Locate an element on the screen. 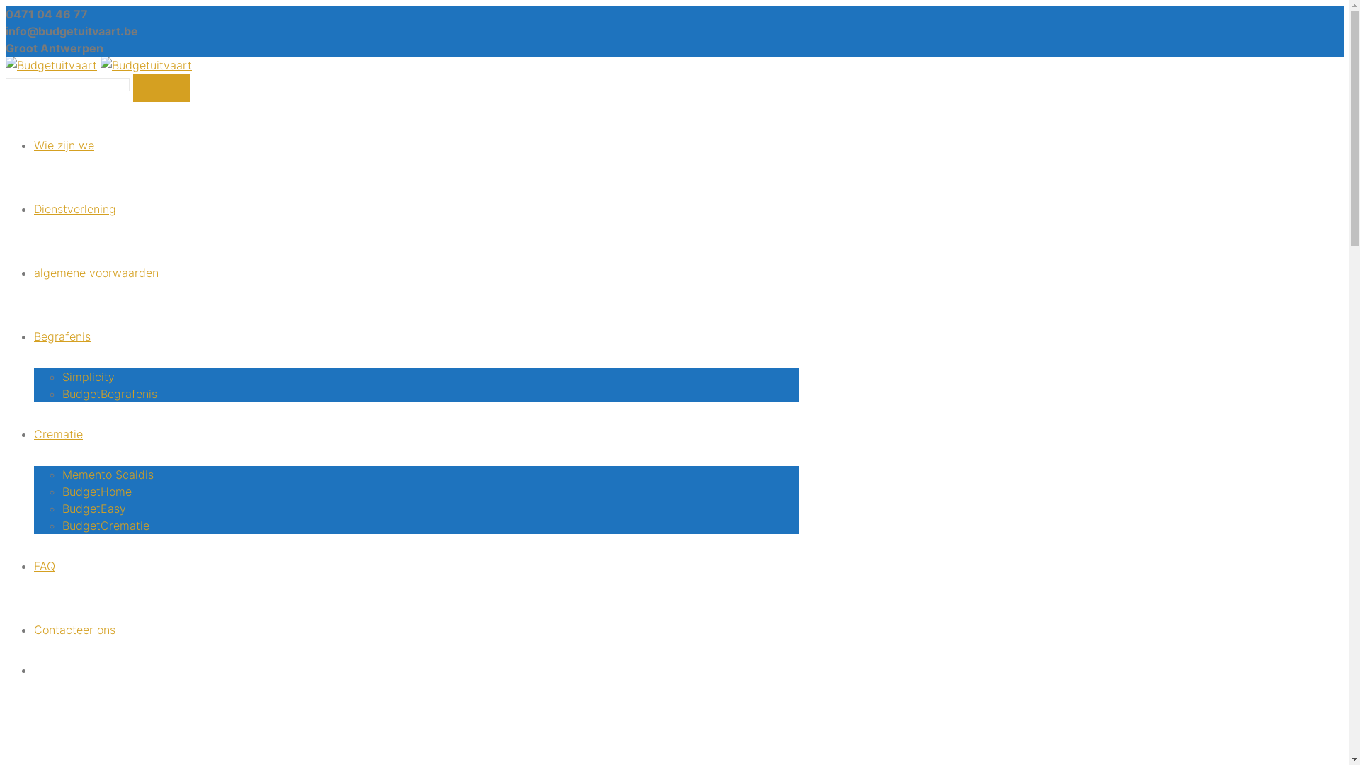  'Contacteer ons' is located at coordinates (74, 628).